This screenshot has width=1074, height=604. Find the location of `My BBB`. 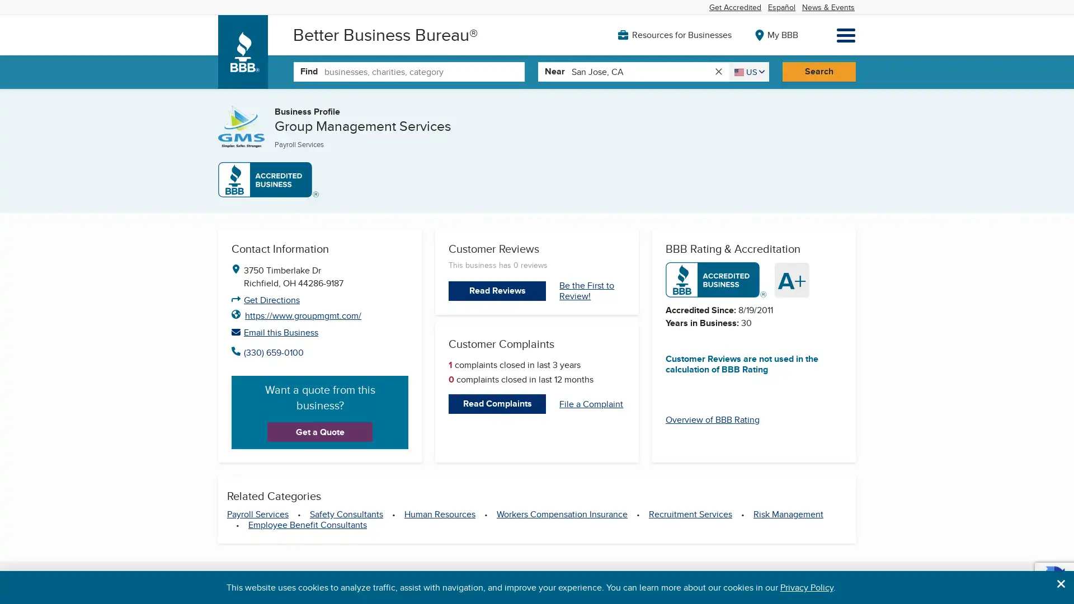

My BBB is located at coordinates (775, 34).